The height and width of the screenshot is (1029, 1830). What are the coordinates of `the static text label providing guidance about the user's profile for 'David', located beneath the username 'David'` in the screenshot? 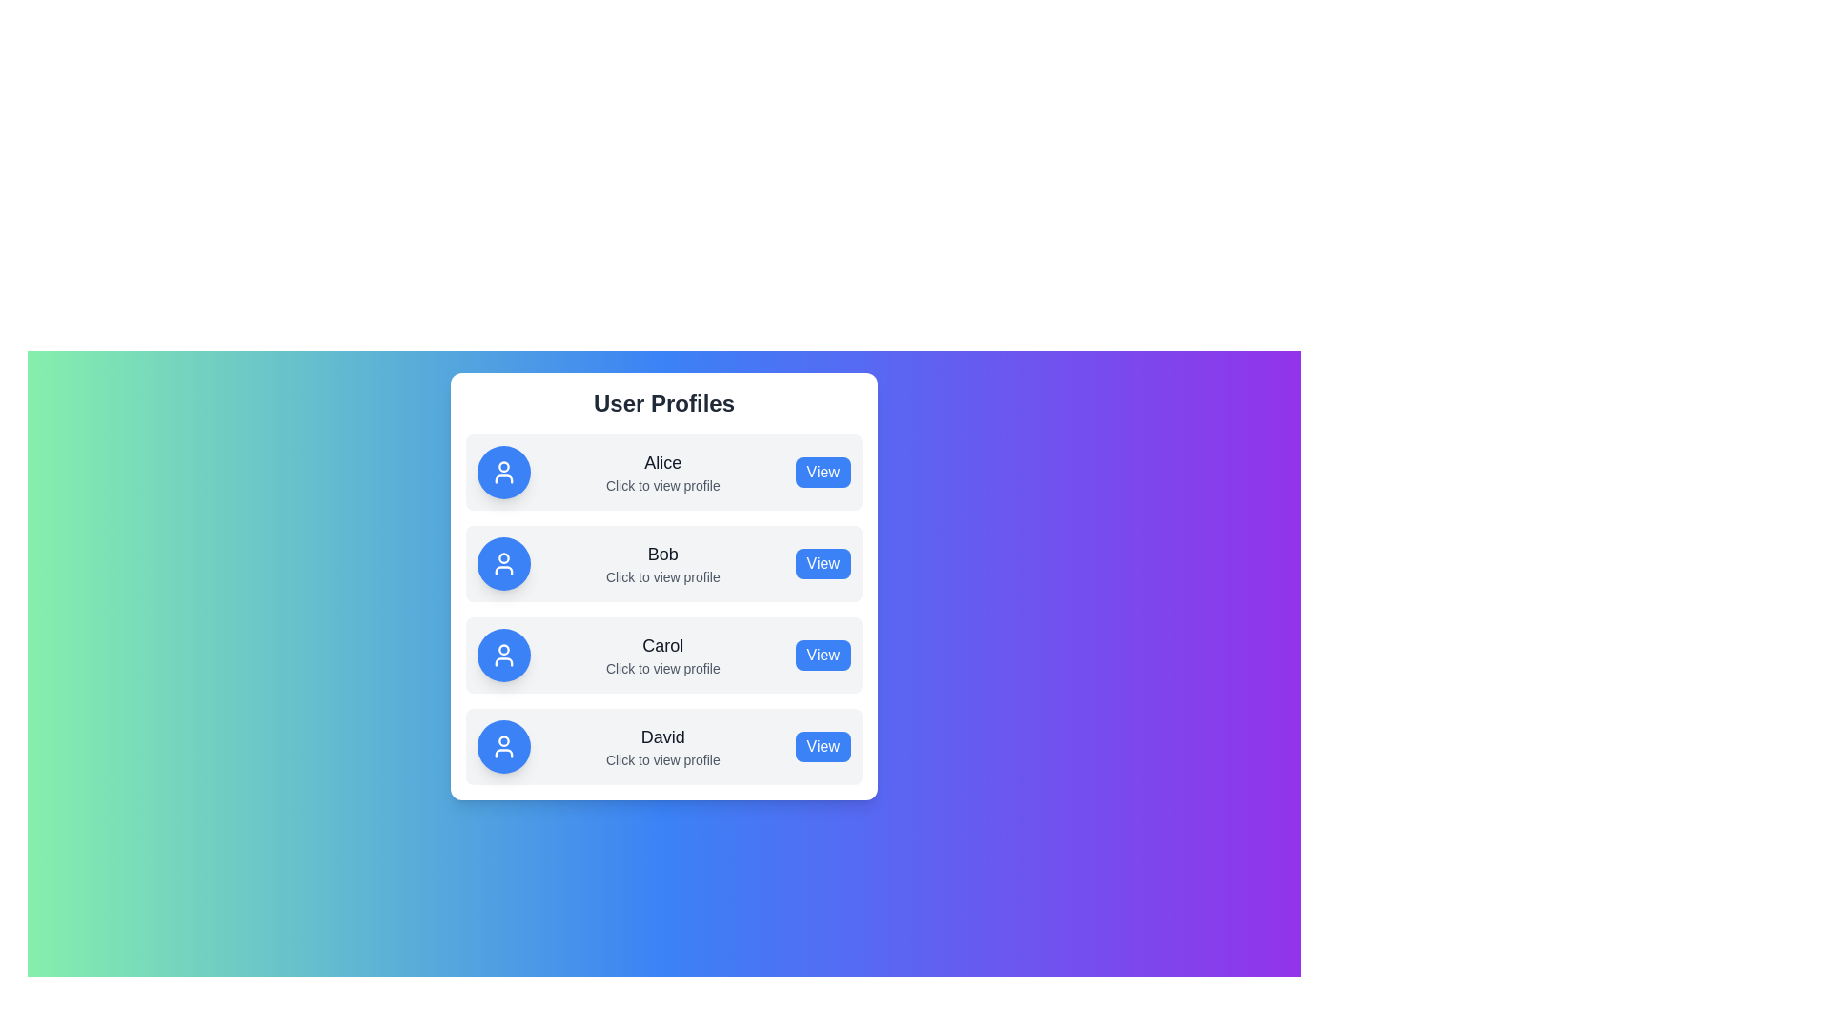 It's located at (662, 759).